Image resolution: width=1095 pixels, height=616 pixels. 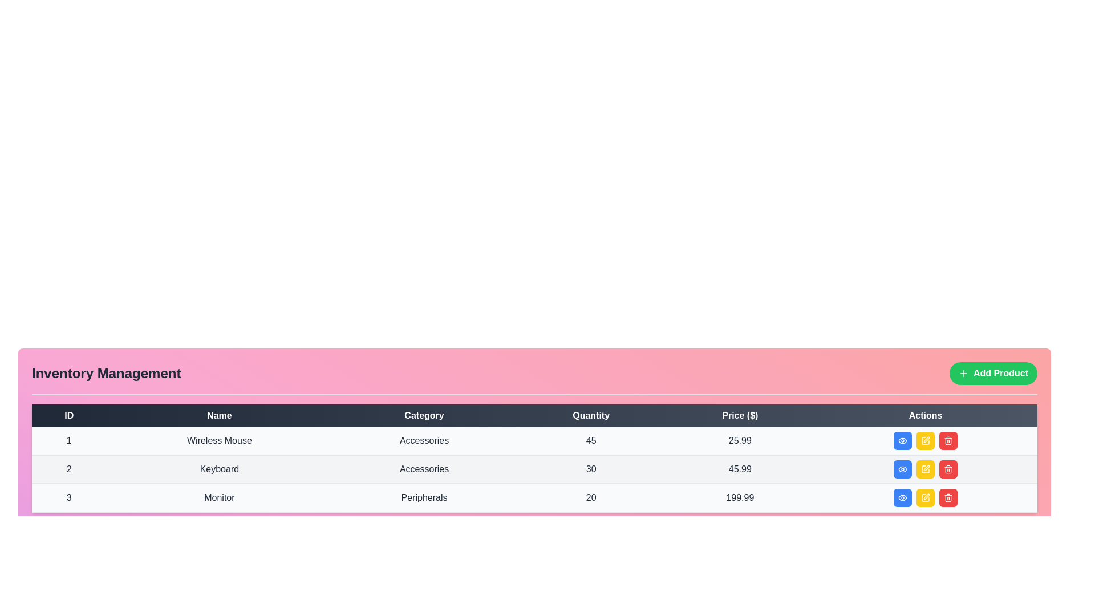 What do you see at coordinates (902, 497) in the screenshot?
I see `the 'view' button in the 'Actions' column of the third row` at bounding box center [902, 497].